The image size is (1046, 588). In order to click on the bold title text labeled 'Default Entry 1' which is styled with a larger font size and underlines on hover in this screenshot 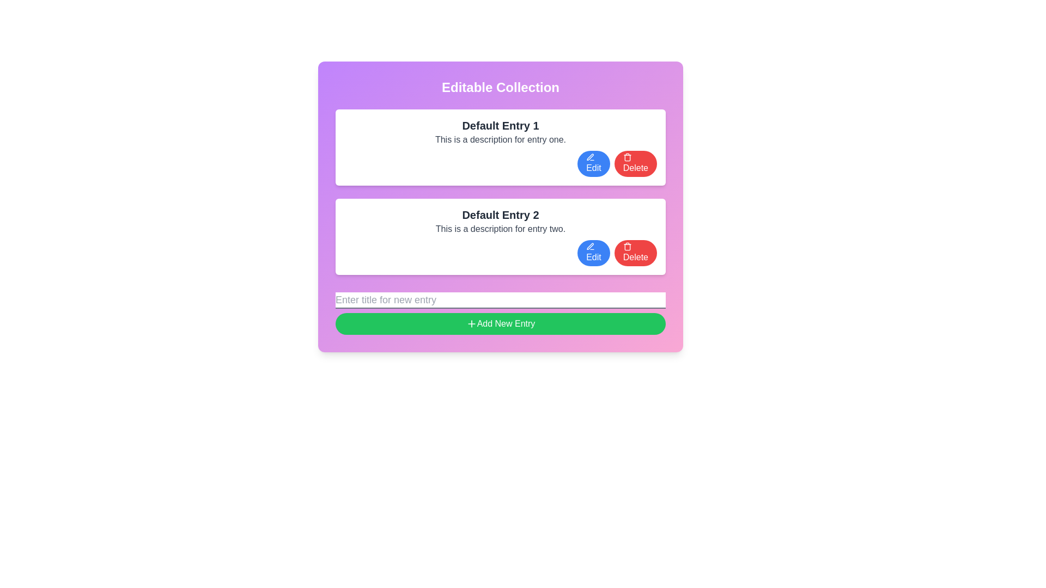, I will do `click(500, 125)`.